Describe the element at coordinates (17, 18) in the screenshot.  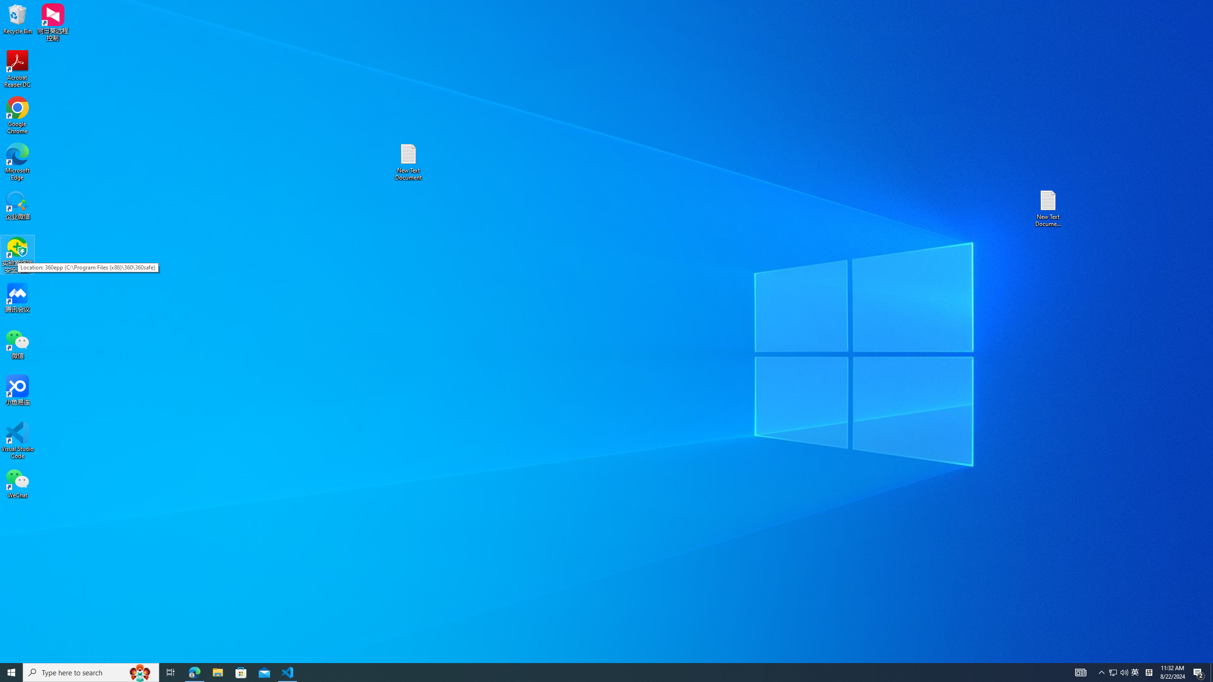
I see `'Recycle Bin'` at that location.